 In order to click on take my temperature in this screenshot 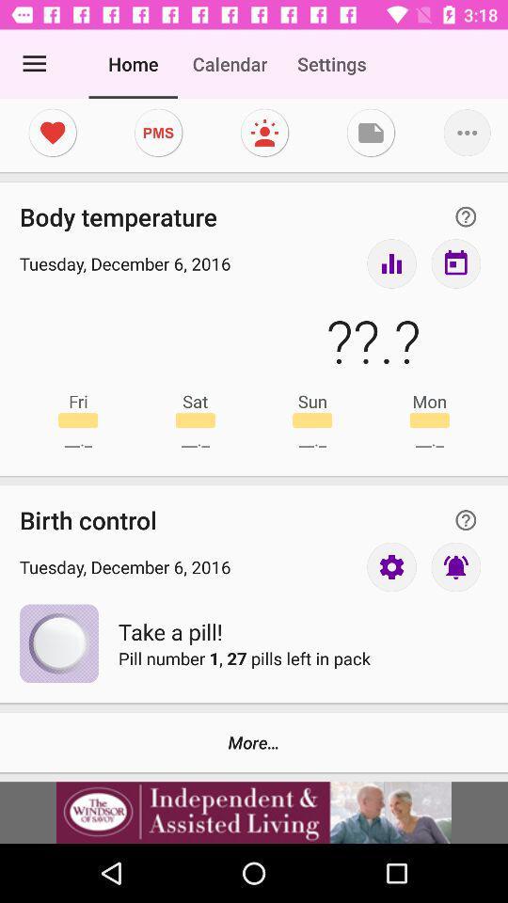, I will do `click(390, 262)`.